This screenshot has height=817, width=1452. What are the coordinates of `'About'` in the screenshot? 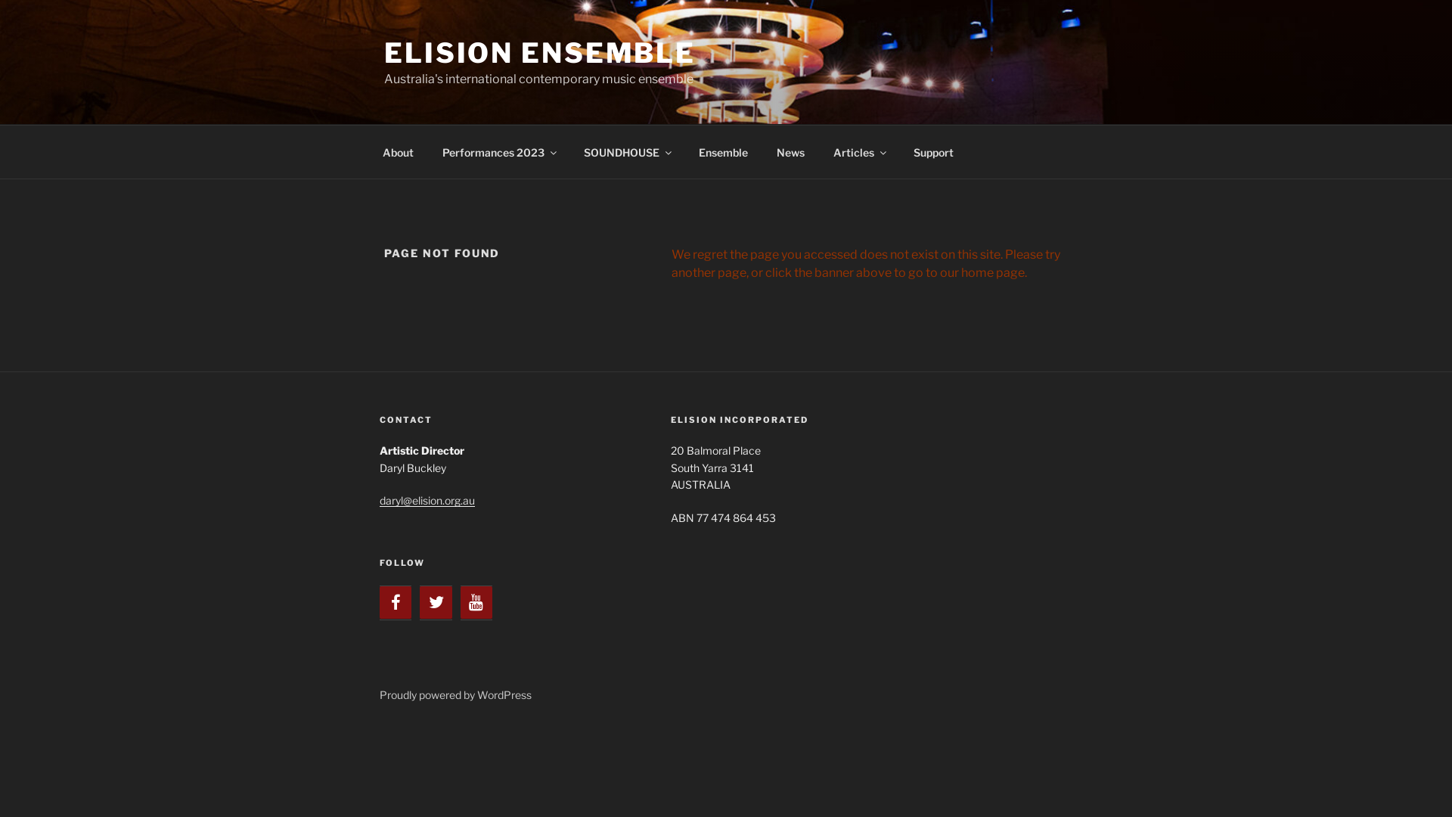 It's located at (398, 151).